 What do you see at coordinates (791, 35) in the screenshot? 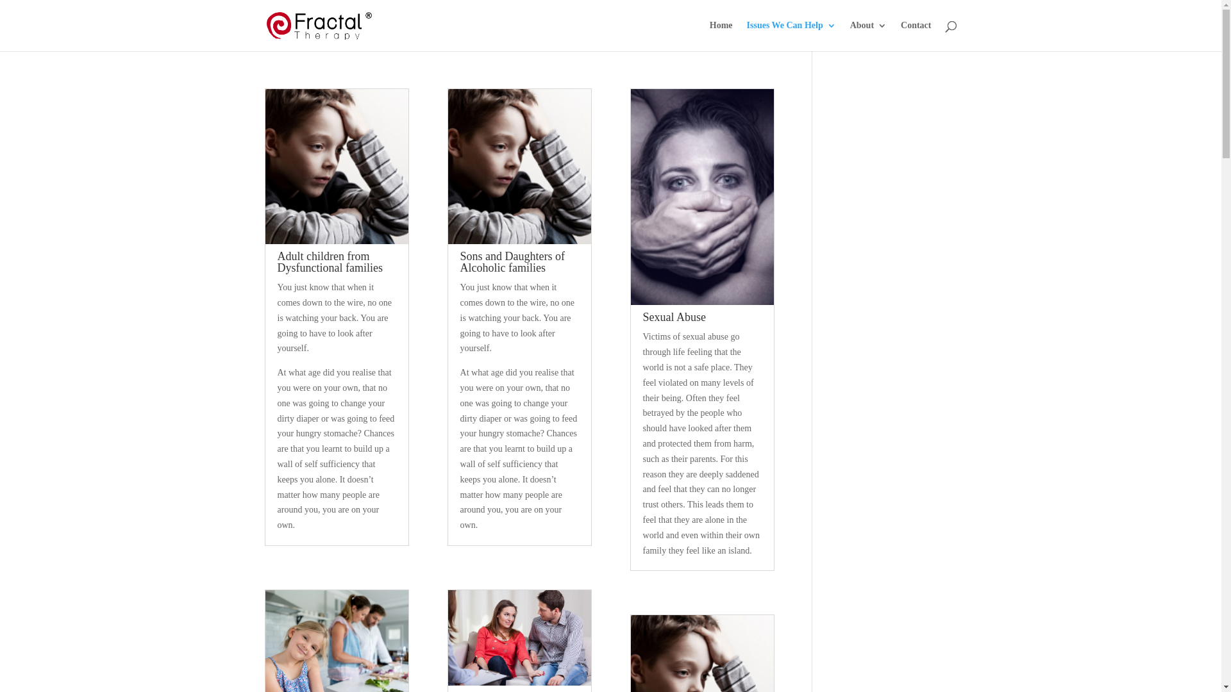
I see `'Issues We Can Help'` at bounding box center [791, 35].